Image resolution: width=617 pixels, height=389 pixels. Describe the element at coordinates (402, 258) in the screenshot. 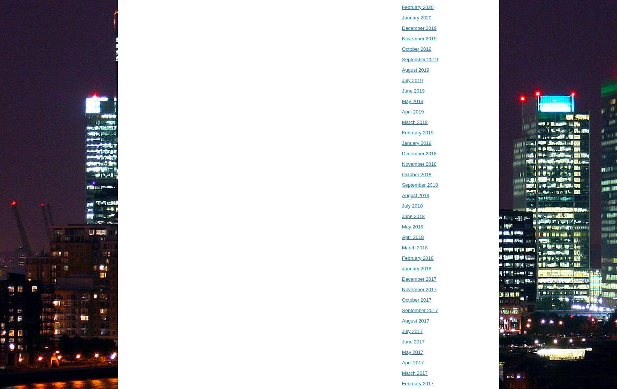

I see `'February 2018'` at that location.